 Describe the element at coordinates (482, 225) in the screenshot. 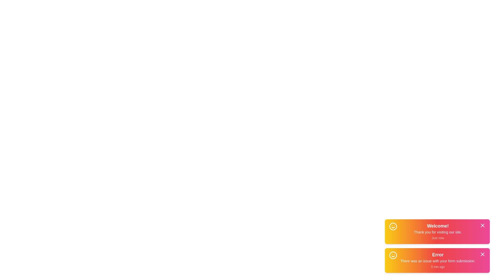

I see `the close button of the message to dismiss it` at that location.